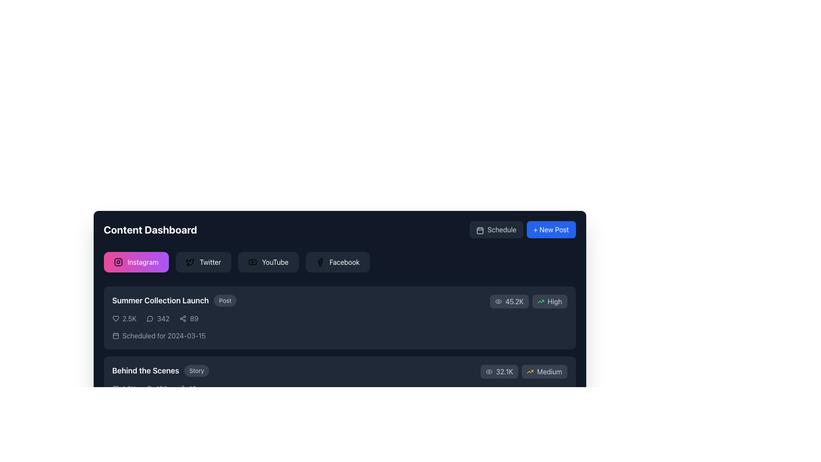 The image size is (821, 462). I want to click on the Facebook button located beneath the 'Content Dashboard' section, which has a dark gray background and features the Facebook logo and the text 'Facebook', so click(337, 262).